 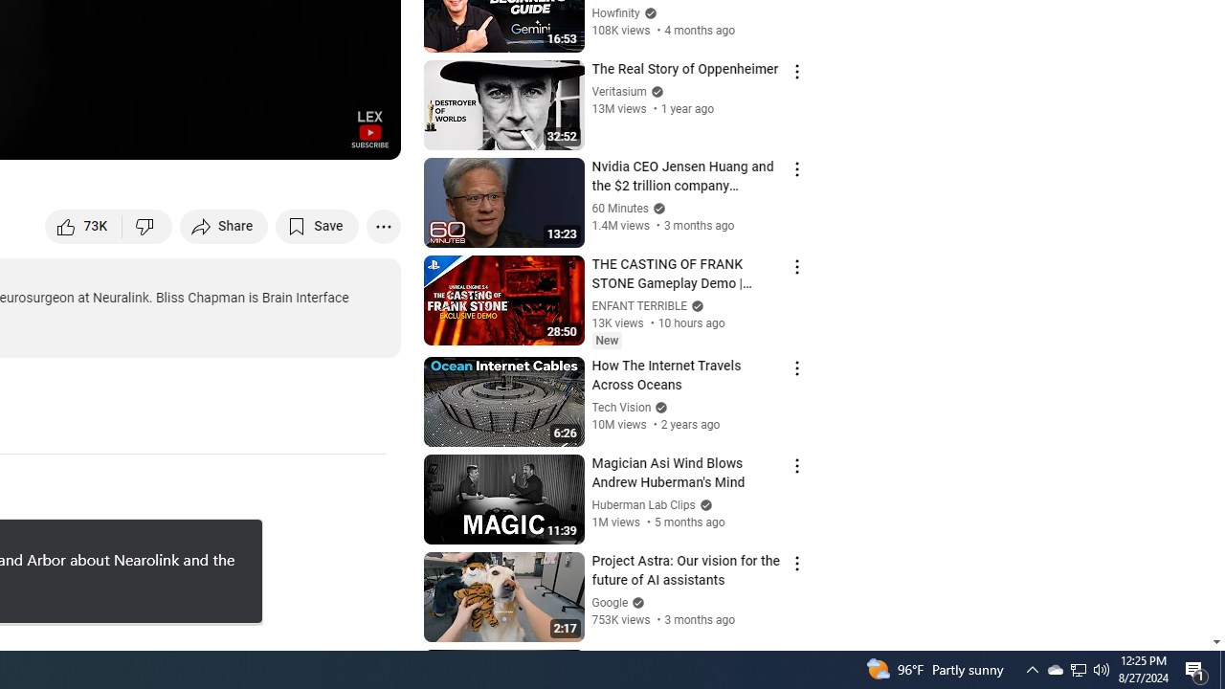 What do you see at coordinates (320, 135) in the screenshot?
I see `'Theater mode (t)'` at bounding box center [320, 135].